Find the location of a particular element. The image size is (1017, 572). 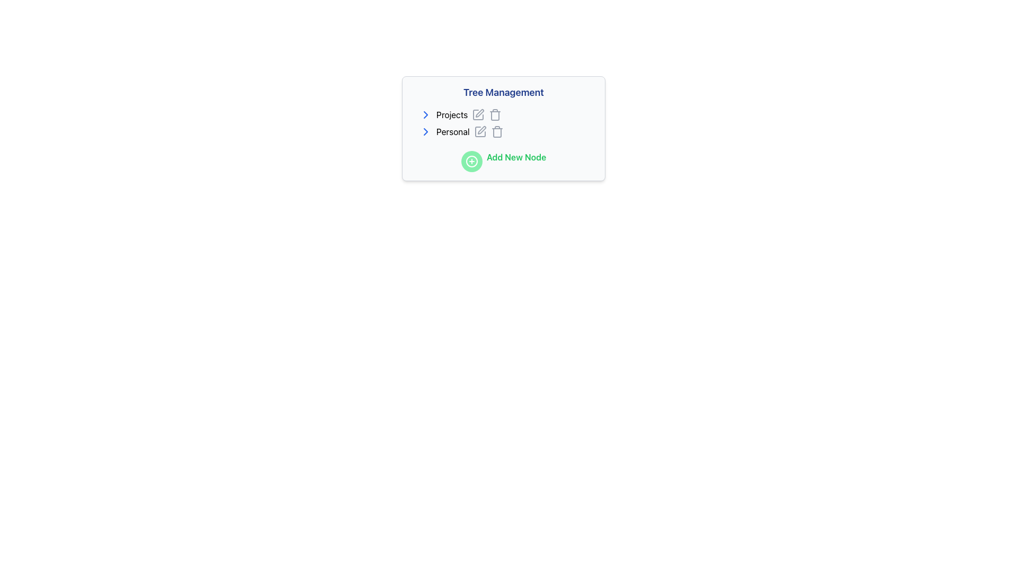

the 'Add New Node' button, which is a green circular icon with a plus sign located below the 'Projects' and 'Personal' items in the 'Tree Management' panel is located at coordinates (503, 161).